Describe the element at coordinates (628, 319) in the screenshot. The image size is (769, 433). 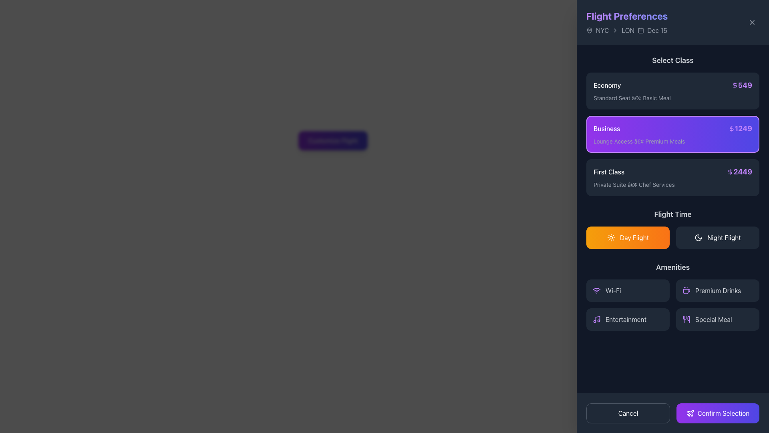
I see `the 'Entertainment' button located in the 'Amenities' section, which has a dark blue background and features a musical note icon` at that location.